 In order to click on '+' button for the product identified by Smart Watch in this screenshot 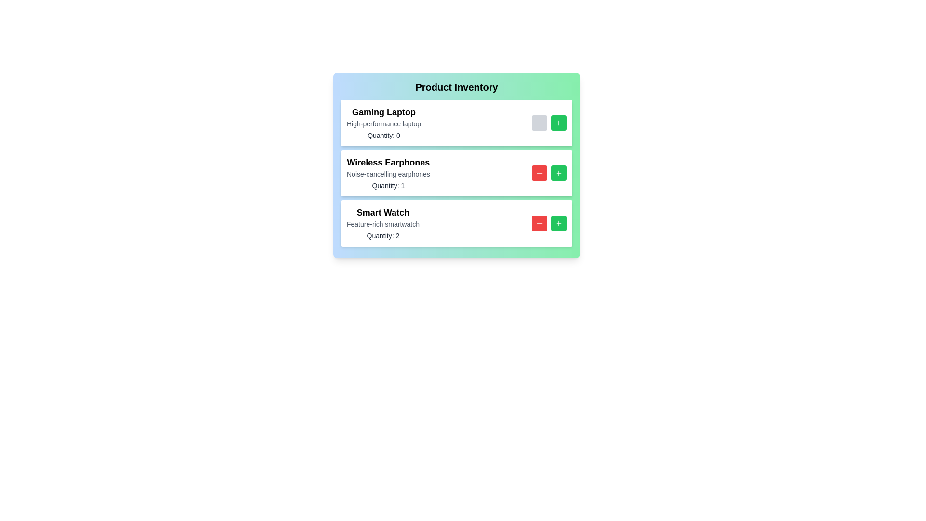, I will do `click(558, 223)`.